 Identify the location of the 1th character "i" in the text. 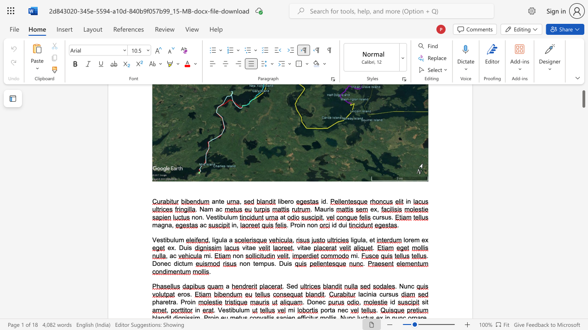
(367, 294).